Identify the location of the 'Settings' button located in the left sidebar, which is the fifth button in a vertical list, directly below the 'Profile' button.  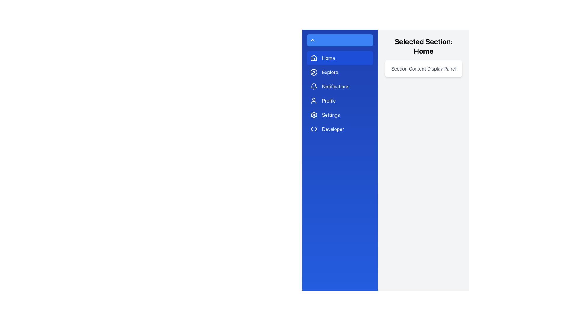
(340, 115).